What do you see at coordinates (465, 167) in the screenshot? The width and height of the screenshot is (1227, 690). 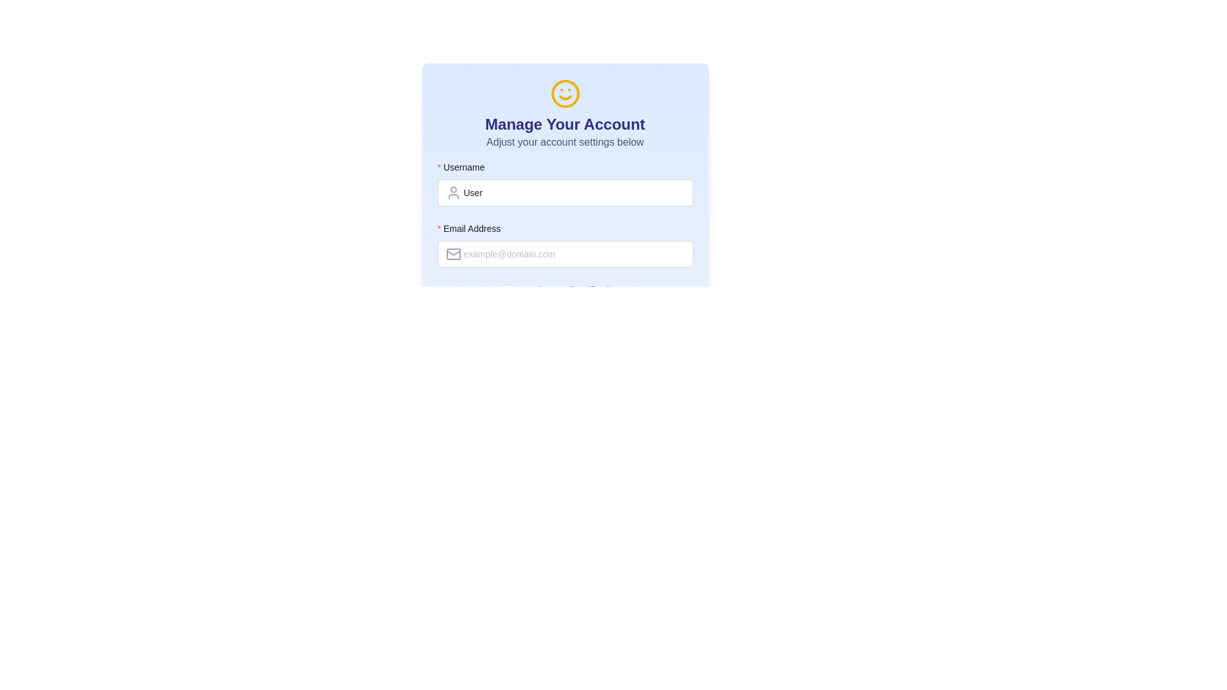 I see `the first label in the form that indicates the expected information for the username input field, positioned directly above the username input field` at bounding box center [465, 167].